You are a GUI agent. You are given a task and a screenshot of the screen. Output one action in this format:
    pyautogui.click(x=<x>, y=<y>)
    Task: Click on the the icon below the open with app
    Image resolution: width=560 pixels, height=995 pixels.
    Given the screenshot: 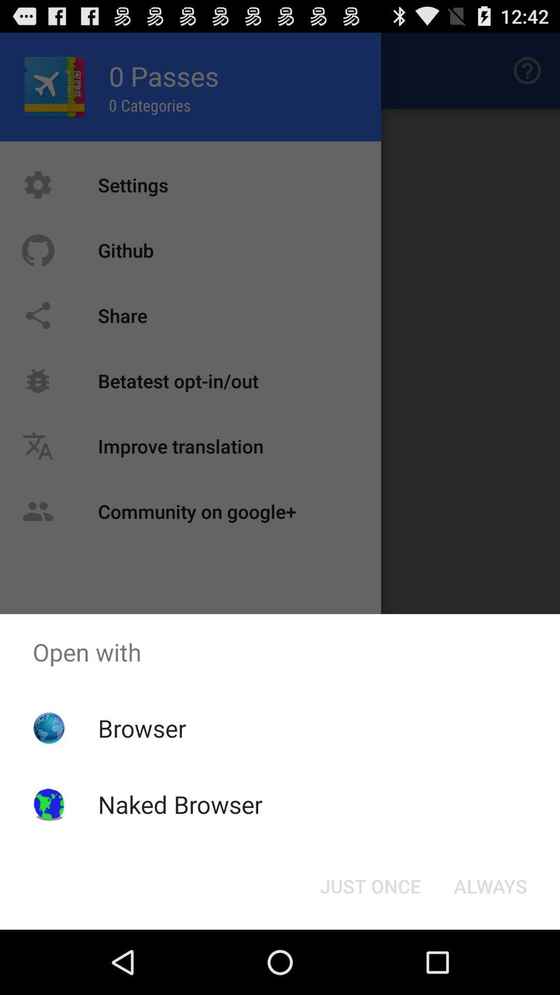 What is the action you would take?
    pyautogui.click(x=490, y=885)
    